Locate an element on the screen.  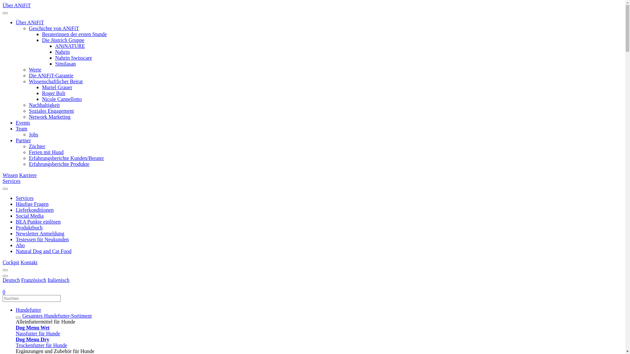
'Jobs' is located at coordinates (33, 134).